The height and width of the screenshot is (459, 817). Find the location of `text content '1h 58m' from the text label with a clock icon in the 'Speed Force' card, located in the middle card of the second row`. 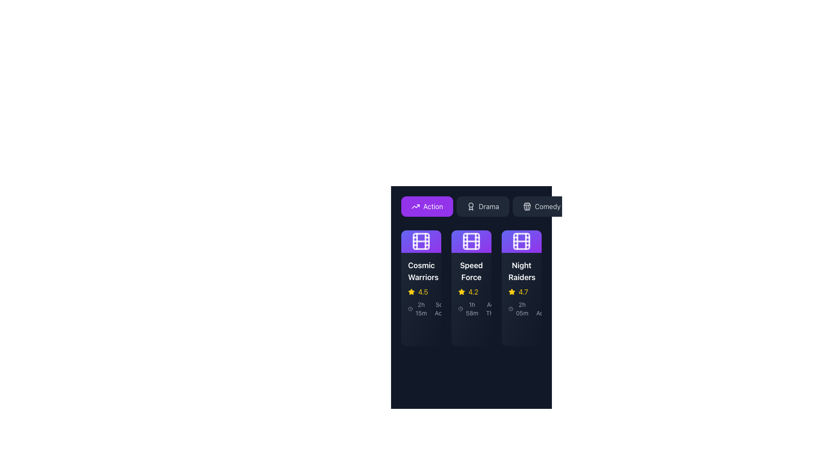

text content '1h 58m' from the text label with a clock icon in the 'Speed Force' card, located in the middle card of the second row is located at coordinates (468, 309).